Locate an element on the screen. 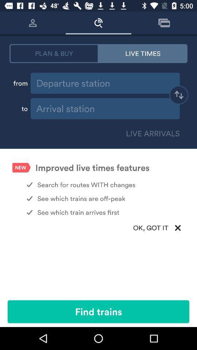 The width and height of the screenshot is (197, 350). input text destination is located at coordinates (105, 108).